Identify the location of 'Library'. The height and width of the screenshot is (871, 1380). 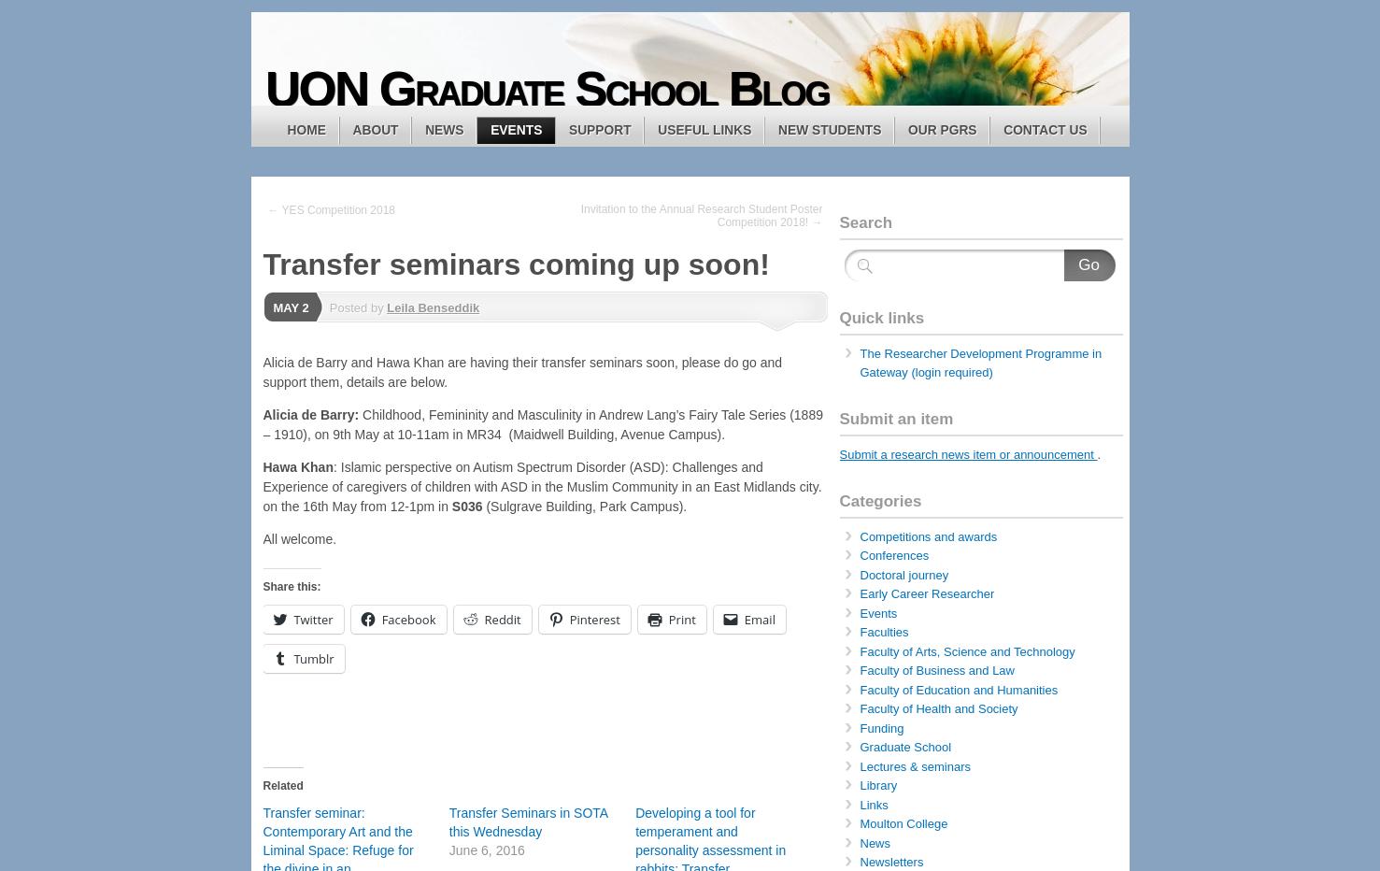
(877, 784).